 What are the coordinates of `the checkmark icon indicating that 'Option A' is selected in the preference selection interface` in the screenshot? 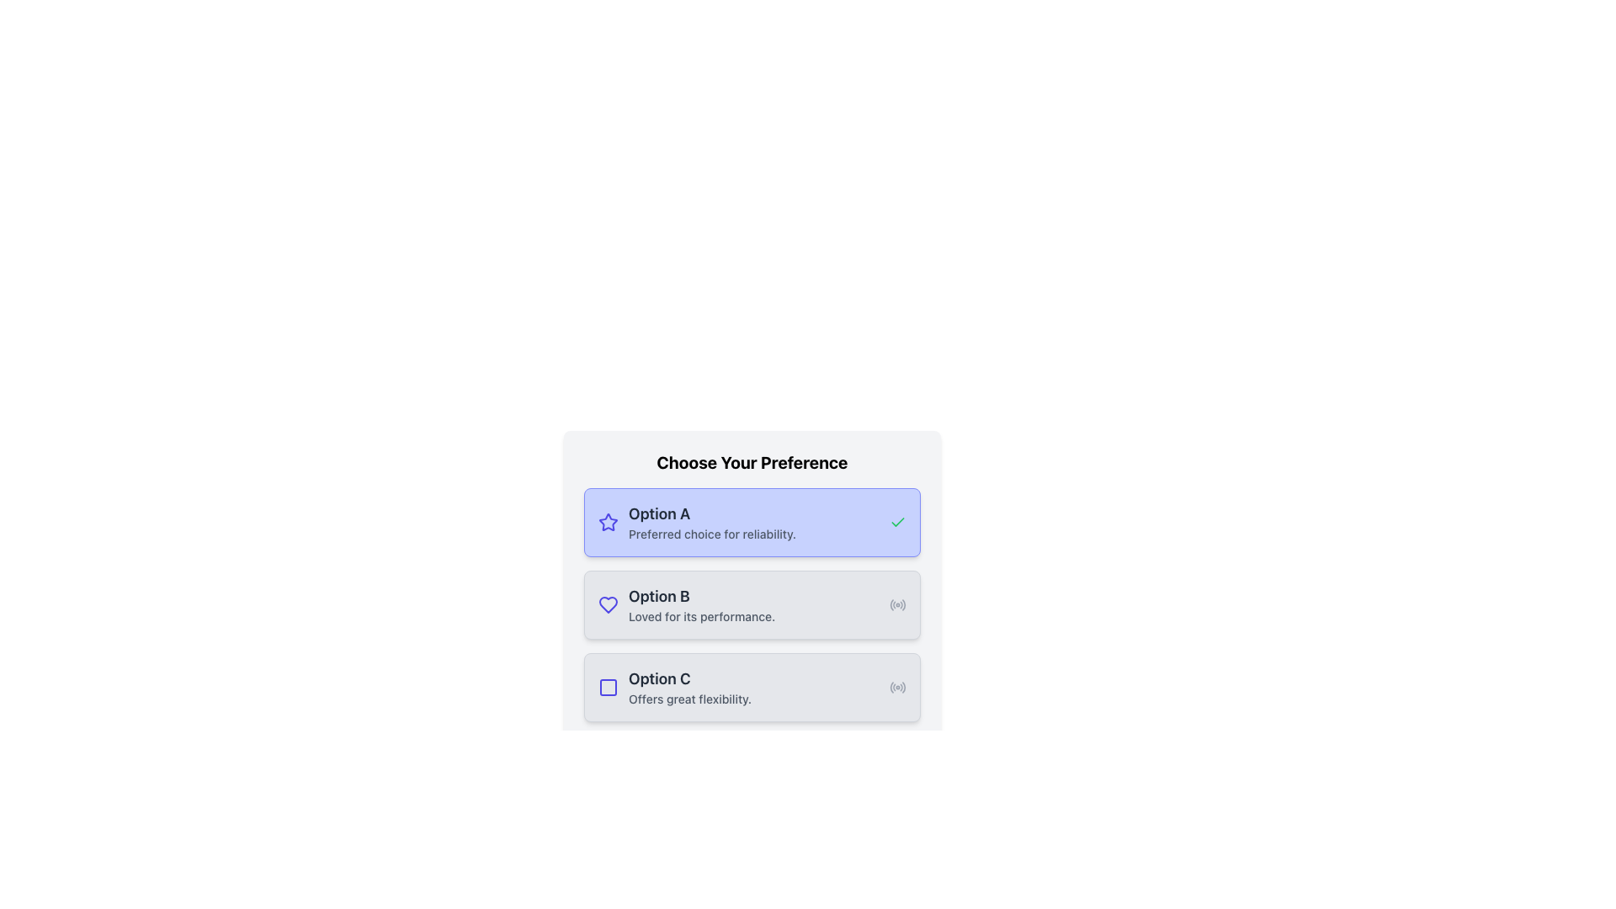 It's located at (896, 521).